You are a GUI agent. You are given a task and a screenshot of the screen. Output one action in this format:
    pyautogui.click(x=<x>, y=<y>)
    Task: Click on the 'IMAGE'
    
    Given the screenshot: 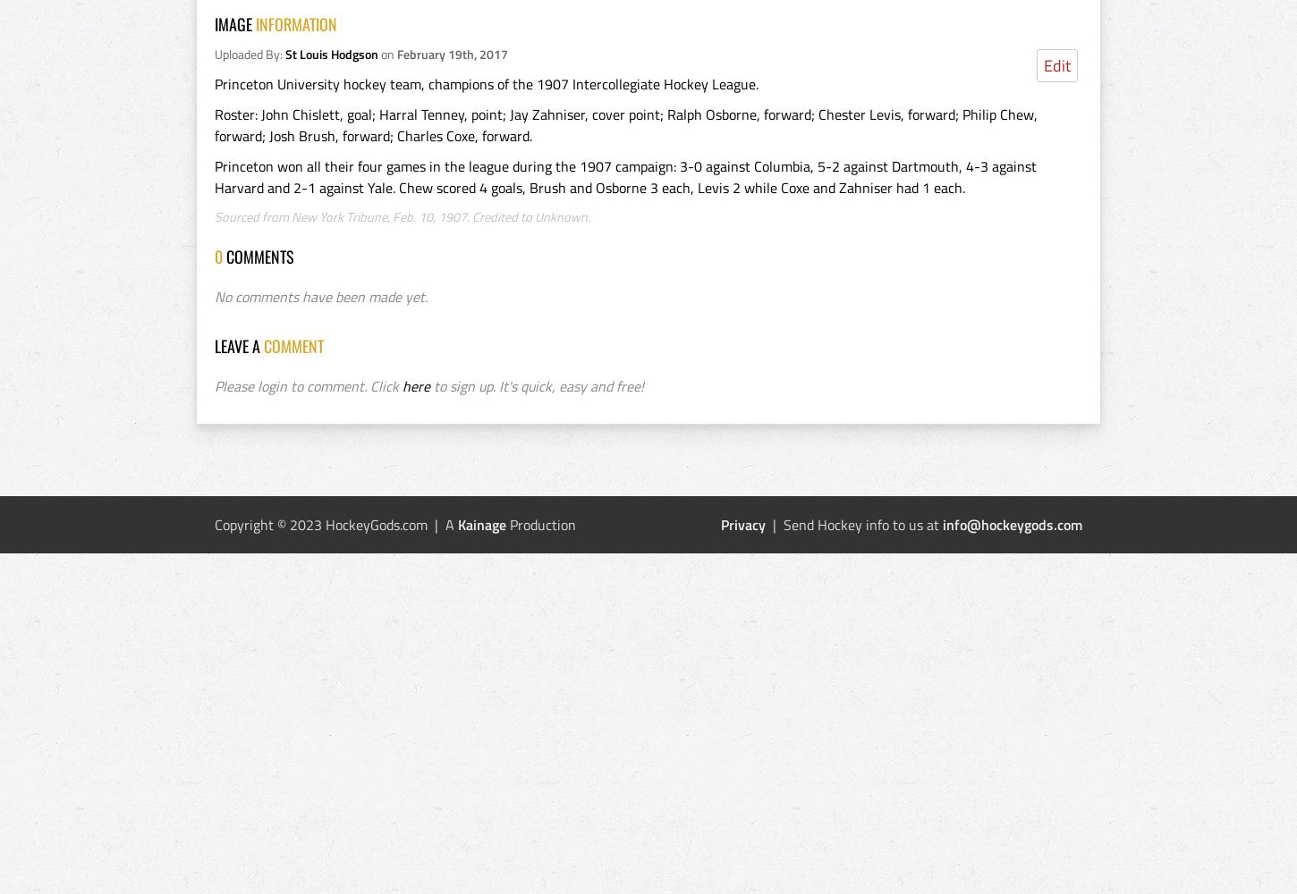 What is the action you would take?
    pyautogui.click(x=213, y=24)
    